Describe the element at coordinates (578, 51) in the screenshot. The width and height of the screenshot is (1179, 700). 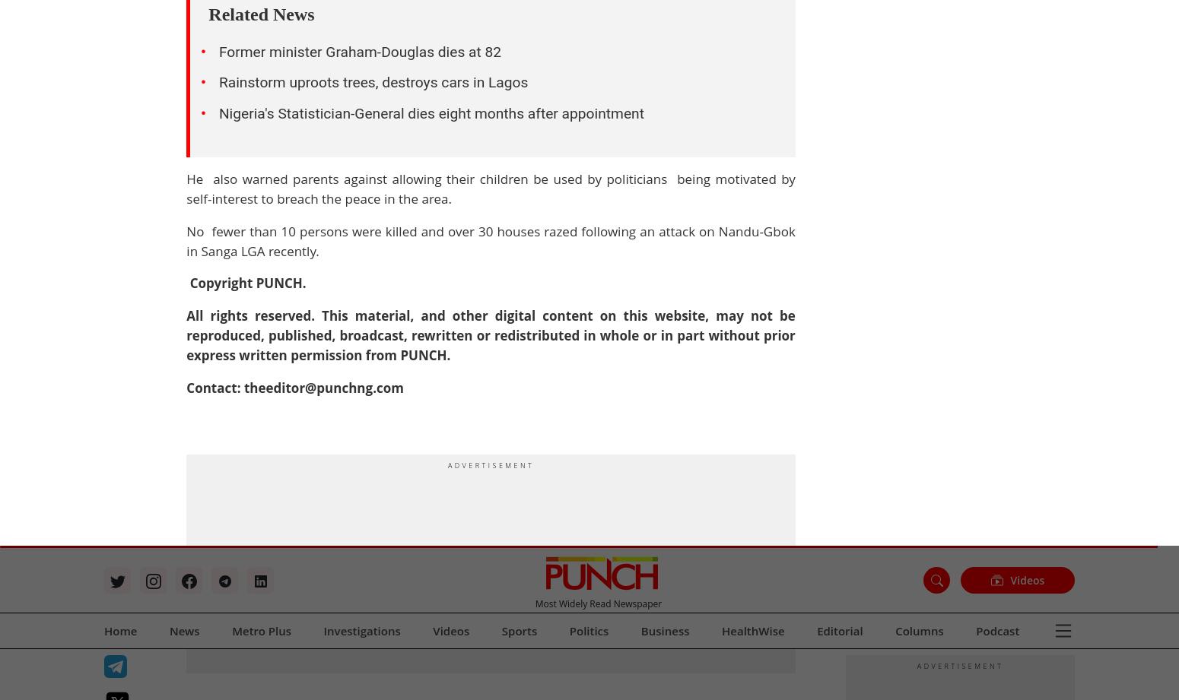
I see `'Cartoon'` at that location.